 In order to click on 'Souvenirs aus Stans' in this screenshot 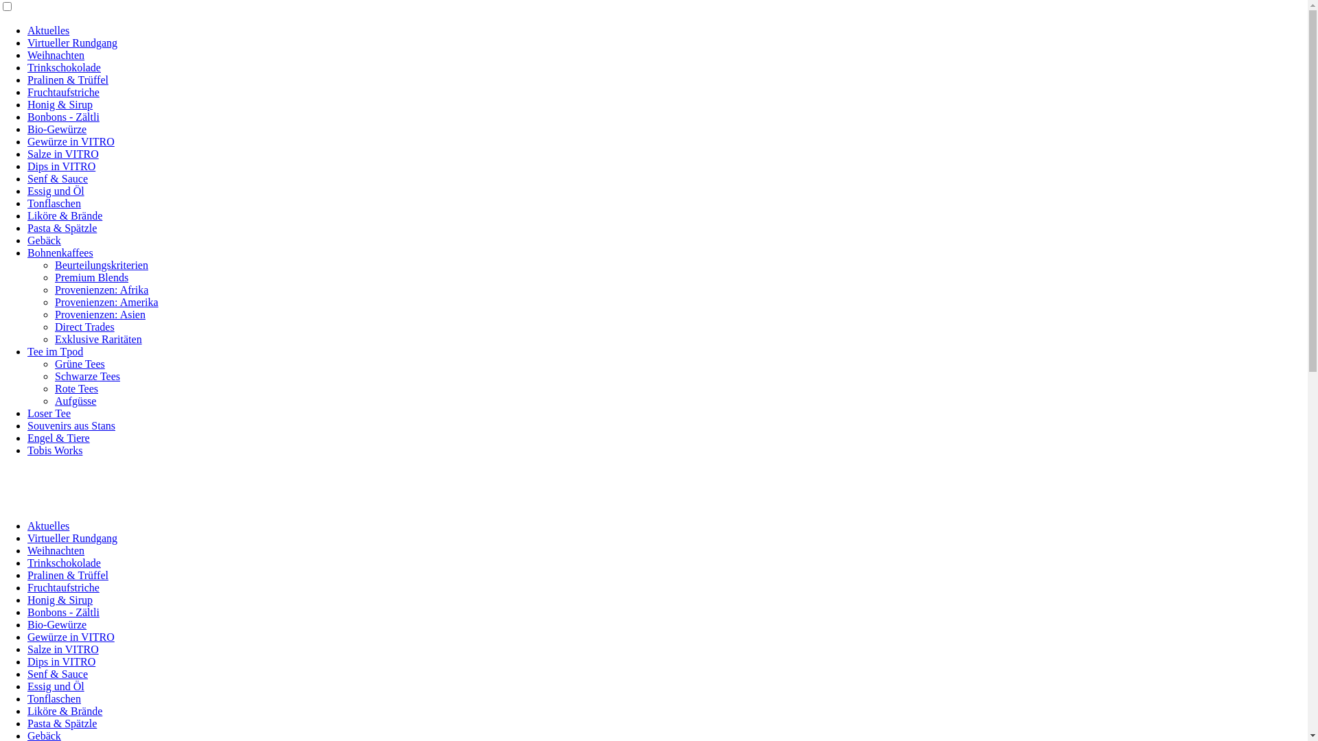, I will do `click(27, 425)`.